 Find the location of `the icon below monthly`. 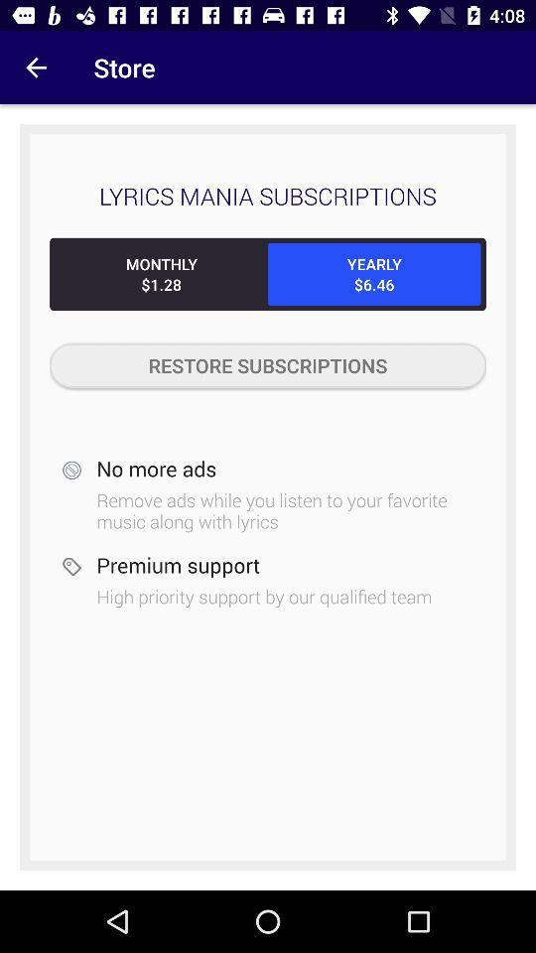

the icon below monthly is located at coordinates (268, 364).